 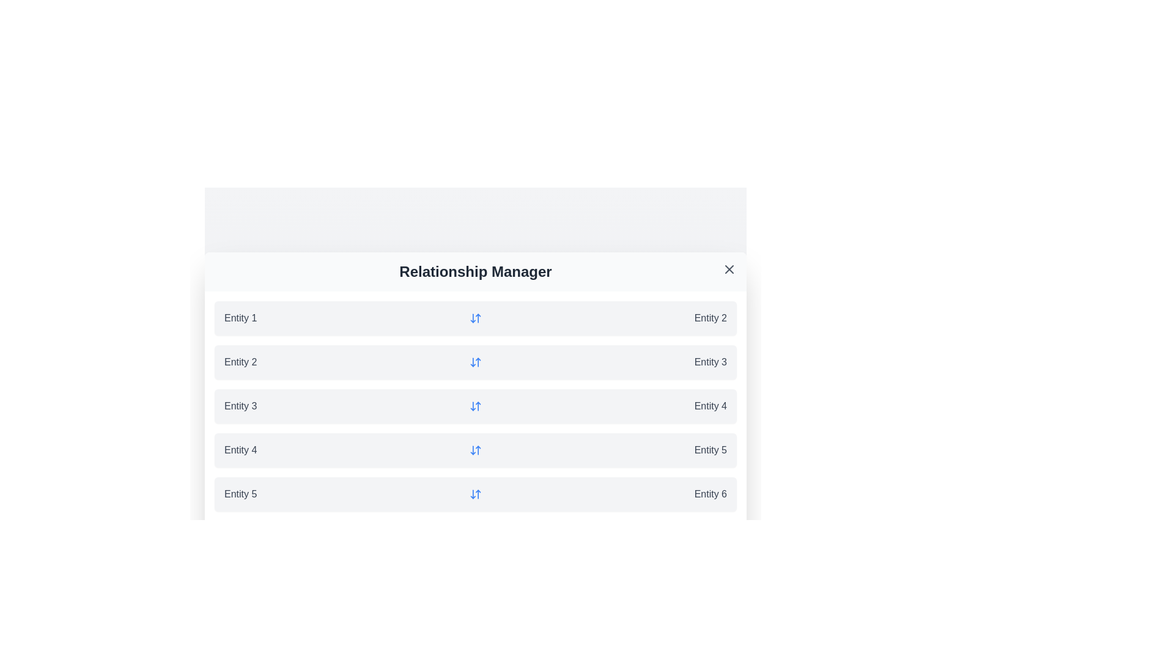 I want to click on the close icon to close the dialog, so click(x=729, y=268).